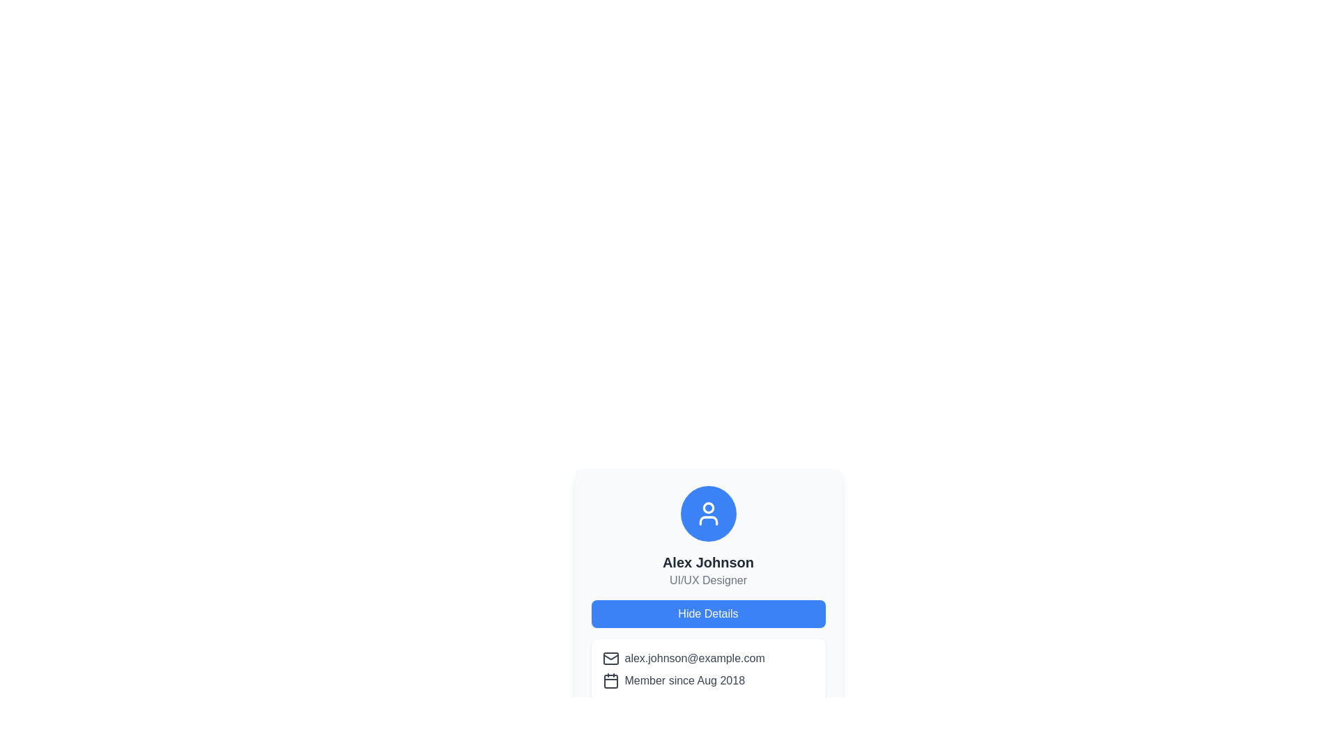 This screenshot has width=1338, height=752. Describe the element at coordinates (708, 658) in the screenshot. I see `the text element displaying the email address 'alex.johnson@example.com' with the accompanying mail icon, which is styled in gray and located within a card-like component` at that location.